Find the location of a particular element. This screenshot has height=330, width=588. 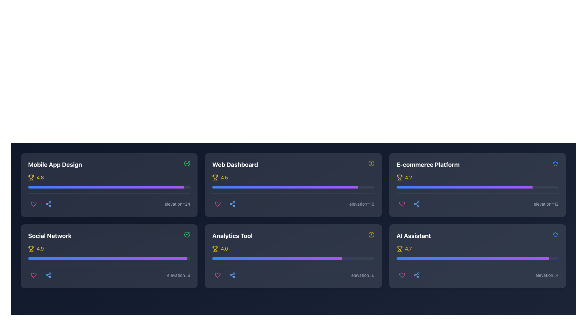

the horizontal progress bar styled with a gradient color scheme located below the text '4.0' in the 'Analytics Tool' card is located at coordinates (293, 262).